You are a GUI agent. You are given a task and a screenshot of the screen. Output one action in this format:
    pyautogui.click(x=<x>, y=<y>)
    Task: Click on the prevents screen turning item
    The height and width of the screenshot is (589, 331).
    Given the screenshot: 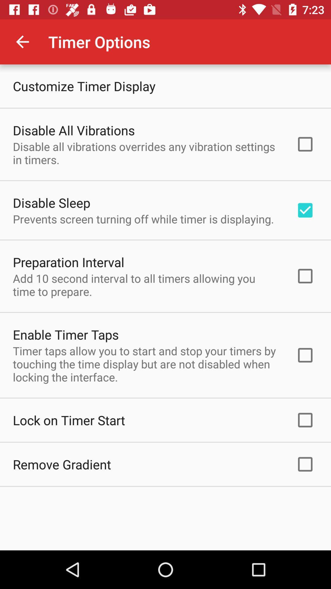 What is the action you would take?
    pyautogui.click(x=143, y=219)
    